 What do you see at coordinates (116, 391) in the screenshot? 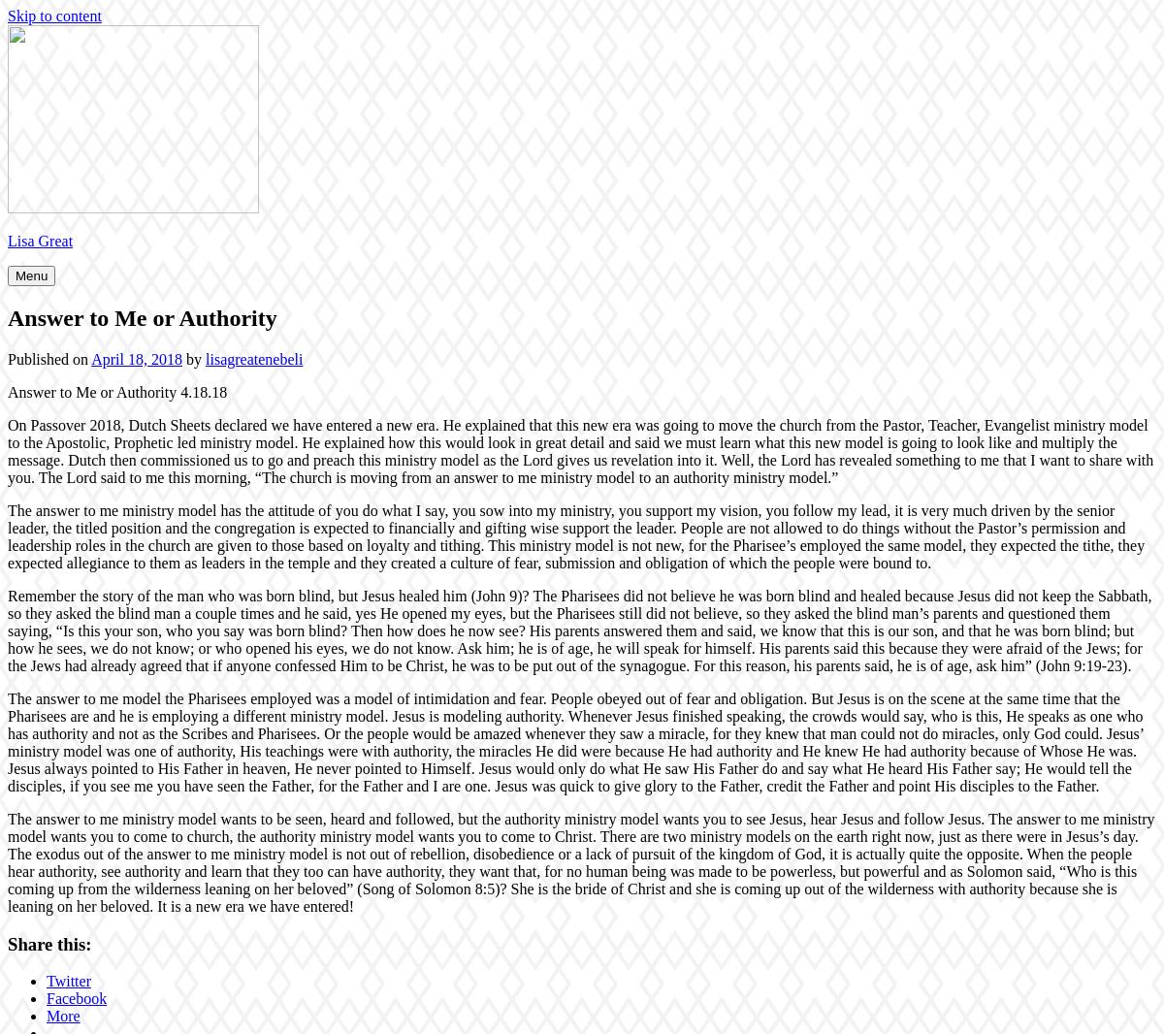
I see `'Answer to Me or Authority 4.18.18'` at bounding box center [116, 391].